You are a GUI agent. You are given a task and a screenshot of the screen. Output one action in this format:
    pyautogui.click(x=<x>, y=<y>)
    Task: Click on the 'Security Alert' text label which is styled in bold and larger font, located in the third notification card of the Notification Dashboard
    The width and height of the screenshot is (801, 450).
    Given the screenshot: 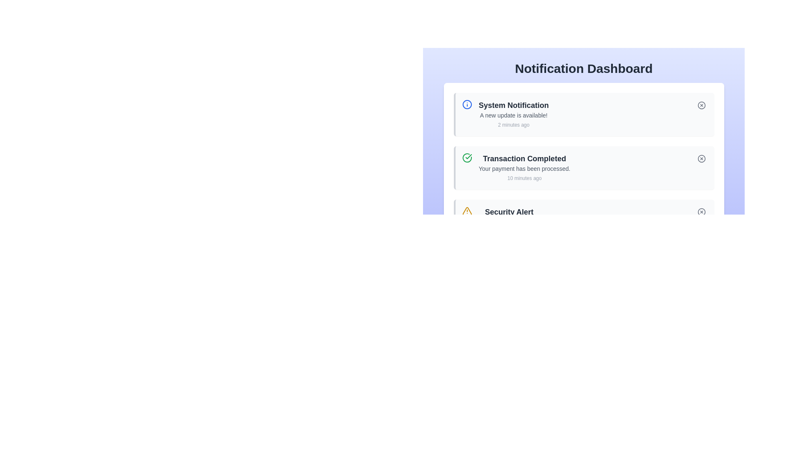 What is the action you would take?
    pyautogui.click(x=509, y=212)
    